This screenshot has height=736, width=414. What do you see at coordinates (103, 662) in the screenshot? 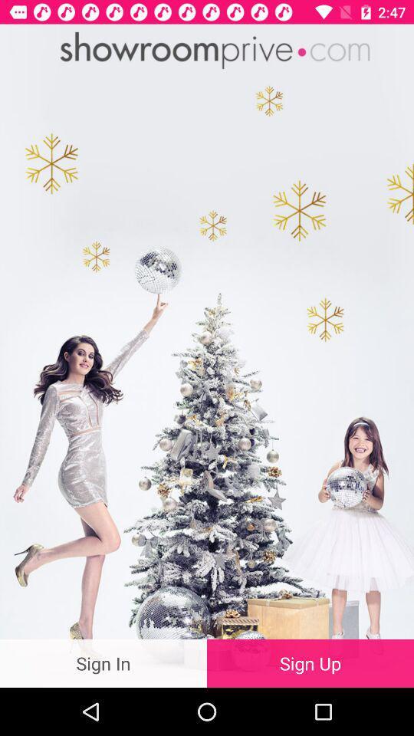
I see `the item at the bottom left corner` at bounding box center [103, 662].